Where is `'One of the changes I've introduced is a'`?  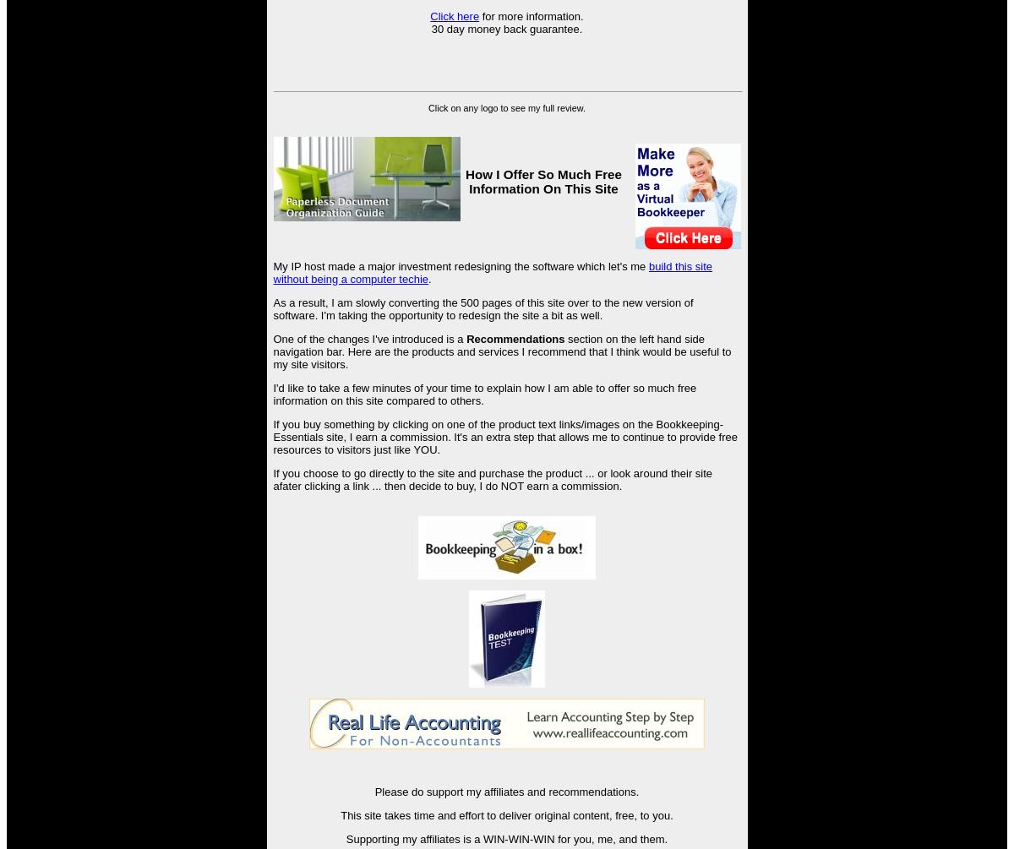 'One of the changes I've introduced is a' is located at coordinates (273, 338).